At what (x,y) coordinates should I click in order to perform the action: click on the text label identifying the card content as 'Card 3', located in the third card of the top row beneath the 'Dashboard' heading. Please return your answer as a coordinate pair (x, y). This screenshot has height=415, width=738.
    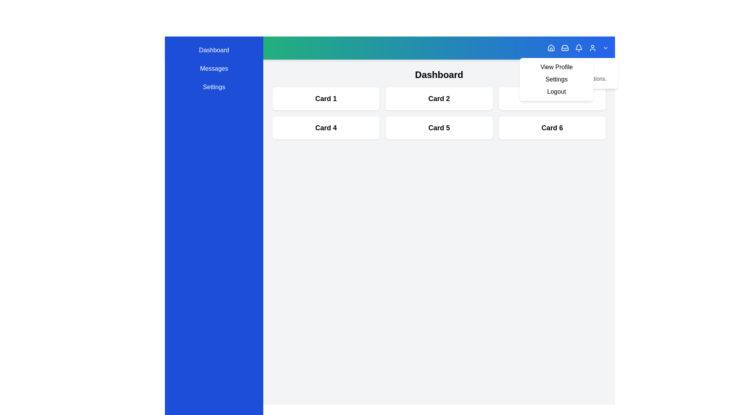
    Looking at the image, I should click on (552, 98).